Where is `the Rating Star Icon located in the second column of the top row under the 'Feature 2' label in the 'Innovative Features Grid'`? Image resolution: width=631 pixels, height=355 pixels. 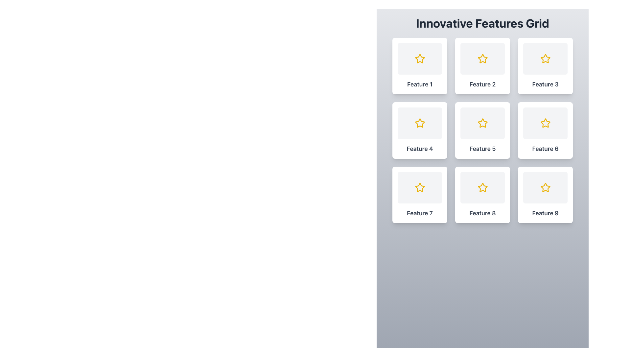
the Rating Star Icon located in the second column of the top row under the 'Feature 2' label in the 'Innovative Features Grid' is located at coordinates (482, 58).